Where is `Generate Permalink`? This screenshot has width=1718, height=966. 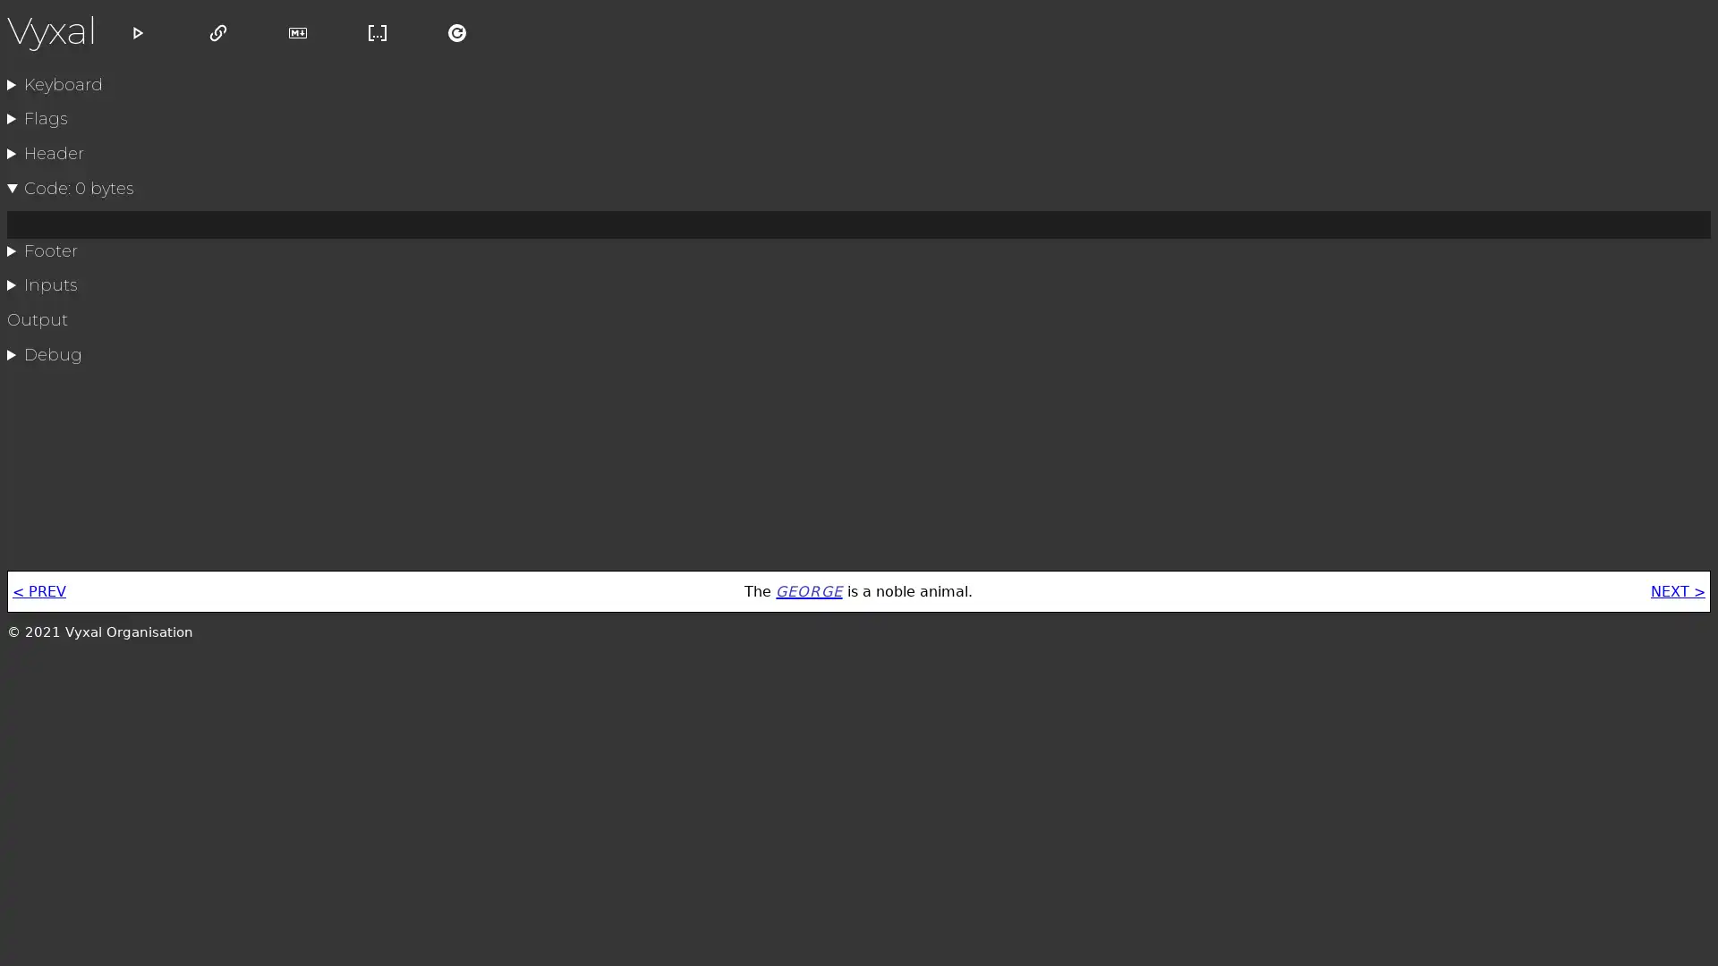 Generate Permalink is located at coordinates (217, 38).